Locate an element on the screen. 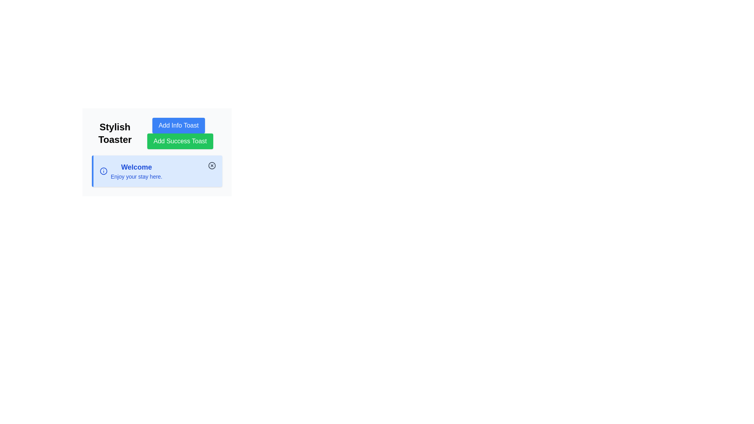 The height and width of the screenshot is (424, 754). the small circular icon with a bold outline located to the left of the notification block containing the text 'Welcome Enjoy your stay here.' is located at coordinates (103, 170).